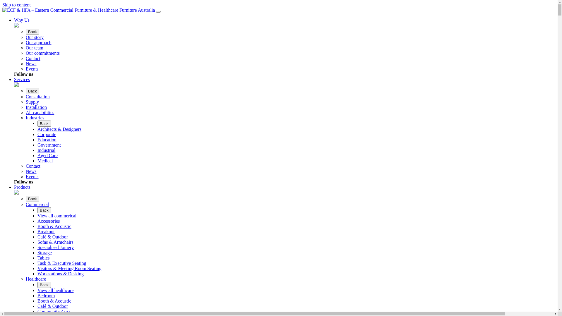  Describe the element at coordinates (54, 226) in the screenshot. I see `'Booth & Acoustic'` at that location.